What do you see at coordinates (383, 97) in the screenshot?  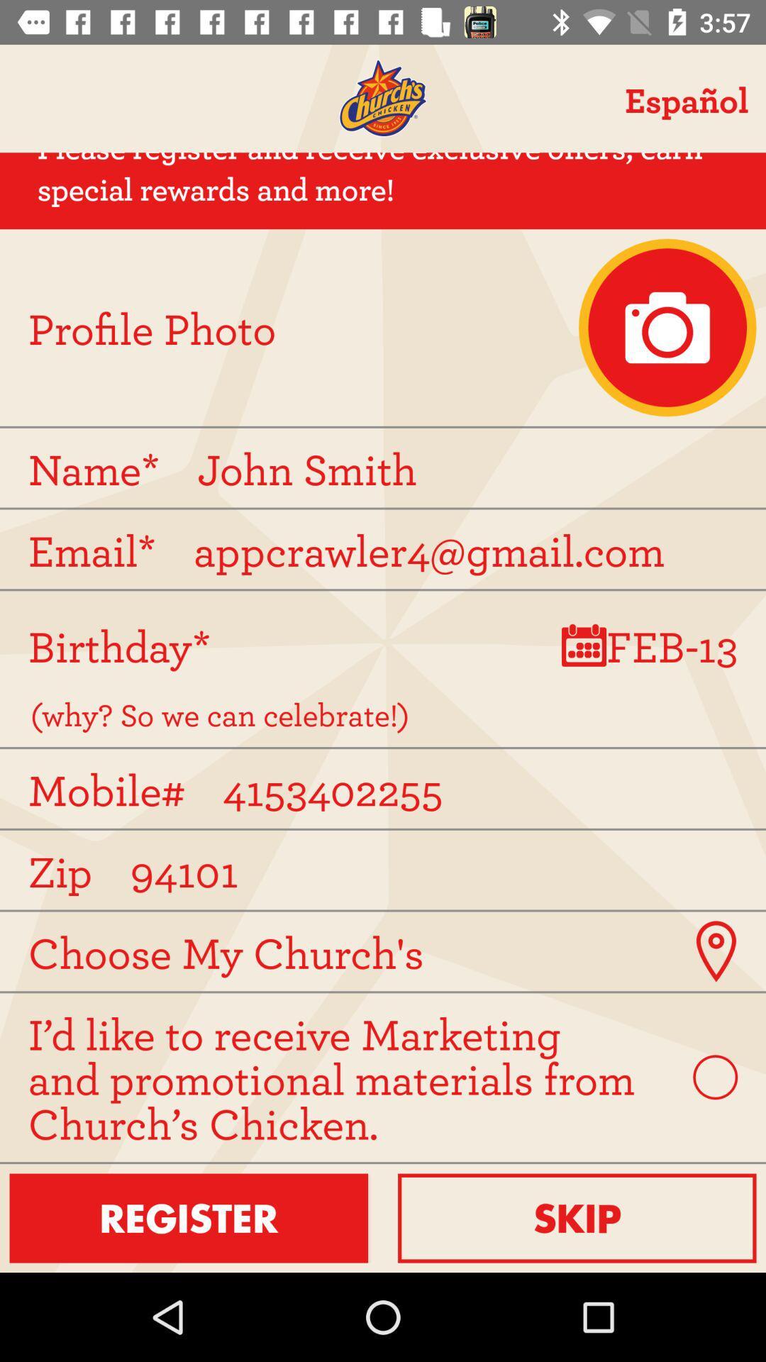 I see `home screen for church 's chicken` at bounding box center [383, 97].